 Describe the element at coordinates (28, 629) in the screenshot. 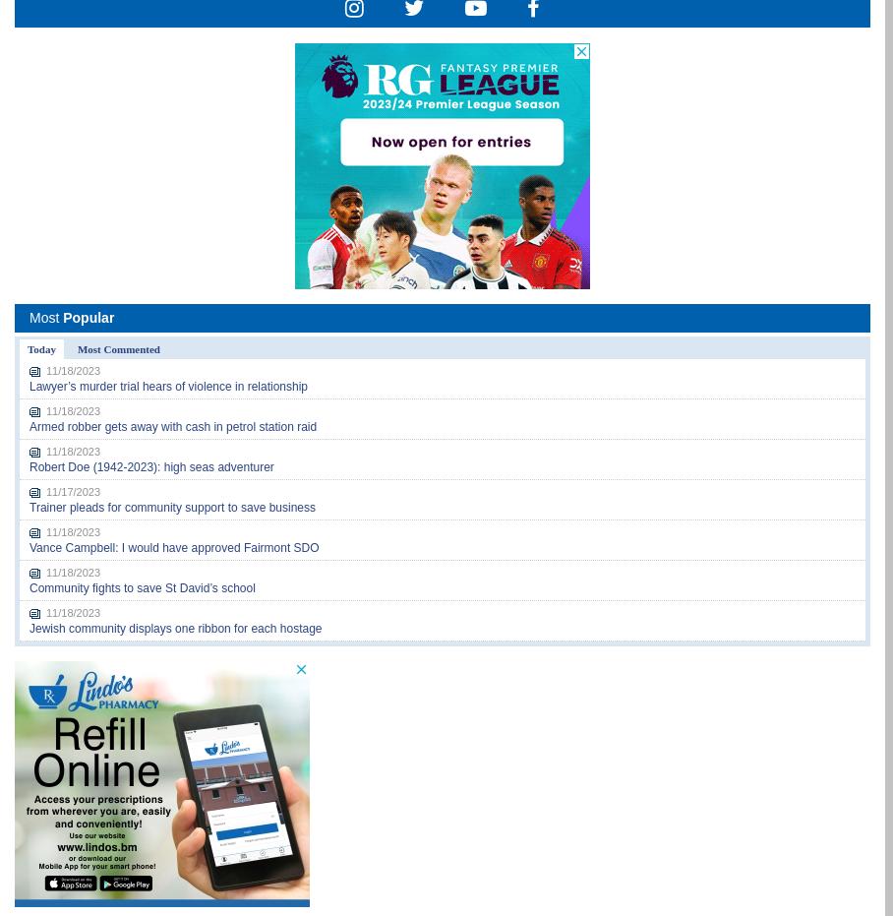

I see `'Jewish community displays one ribbon for each hostage'` at that location.